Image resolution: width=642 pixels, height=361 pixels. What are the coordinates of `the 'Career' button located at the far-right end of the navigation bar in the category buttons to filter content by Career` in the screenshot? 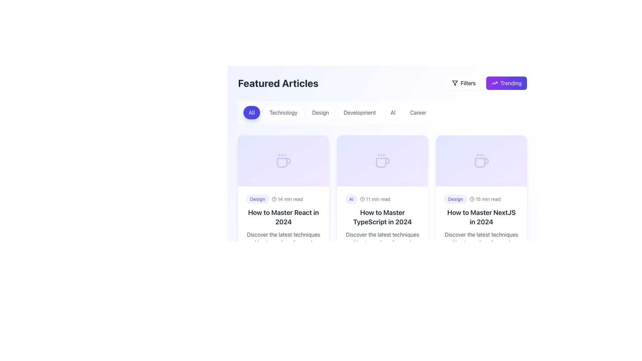 It's located at (417, 112).